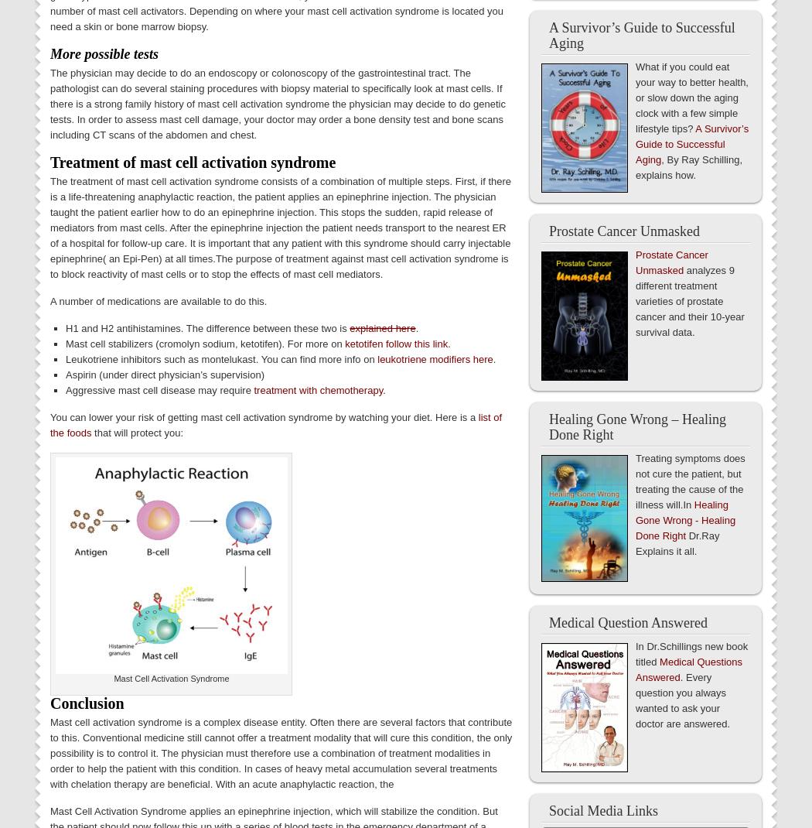 The height and width of the screenshot is (828, 812). What do you see at coordinates (137, 431) in the screenshot?
I see `'that will protect you:'` at bounding box center [137, 431].